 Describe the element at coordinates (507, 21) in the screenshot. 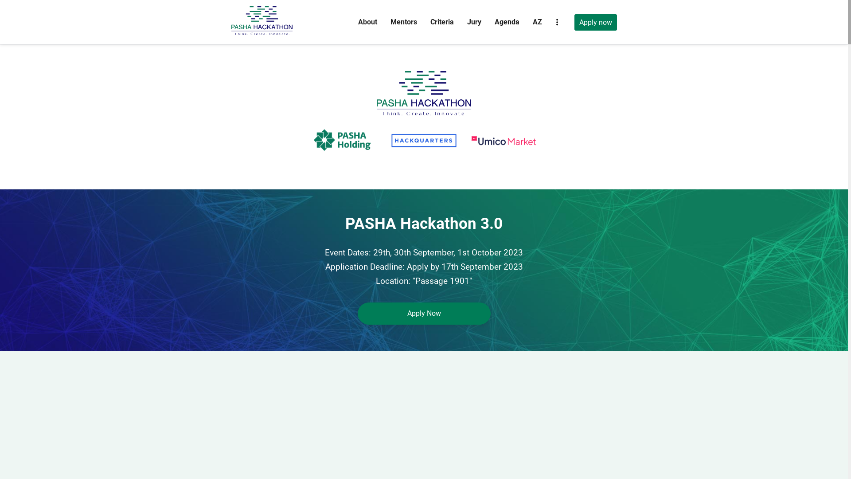

I see `'Agenda'` at that location.